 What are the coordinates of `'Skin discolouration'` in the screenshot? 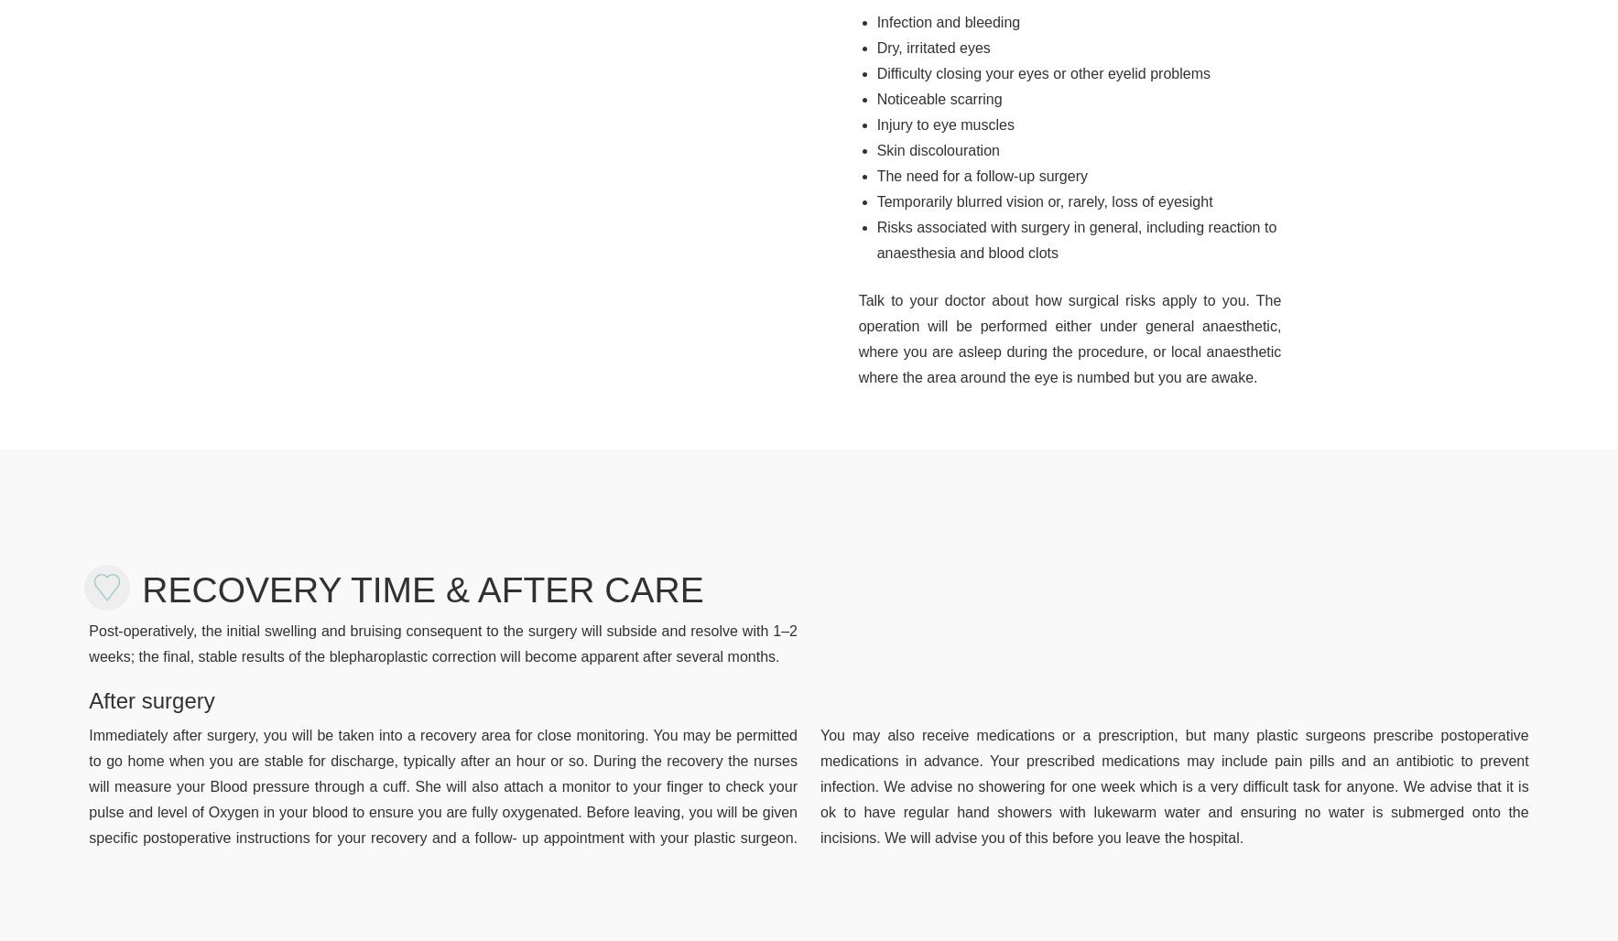 It's located at (937, 149).